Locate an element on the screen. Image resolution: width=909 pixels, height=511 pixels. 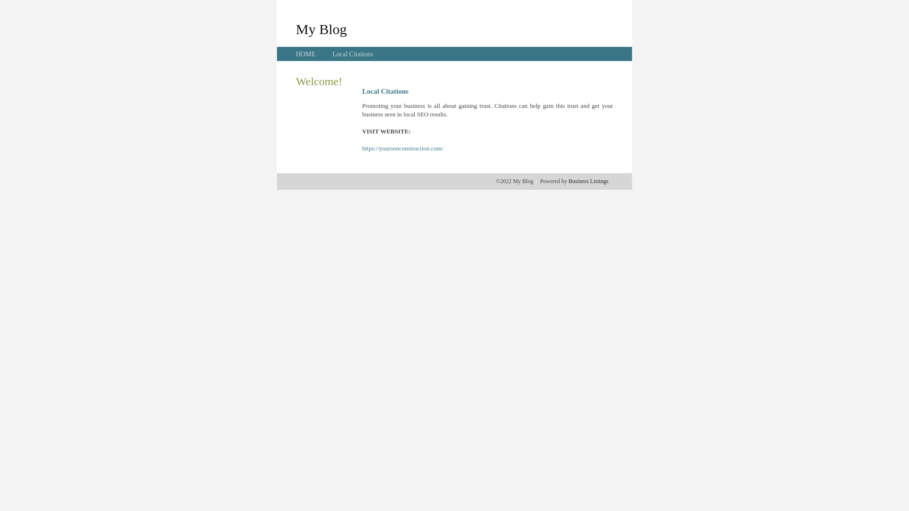
'My Blog' is located at coordinates (321, 28).